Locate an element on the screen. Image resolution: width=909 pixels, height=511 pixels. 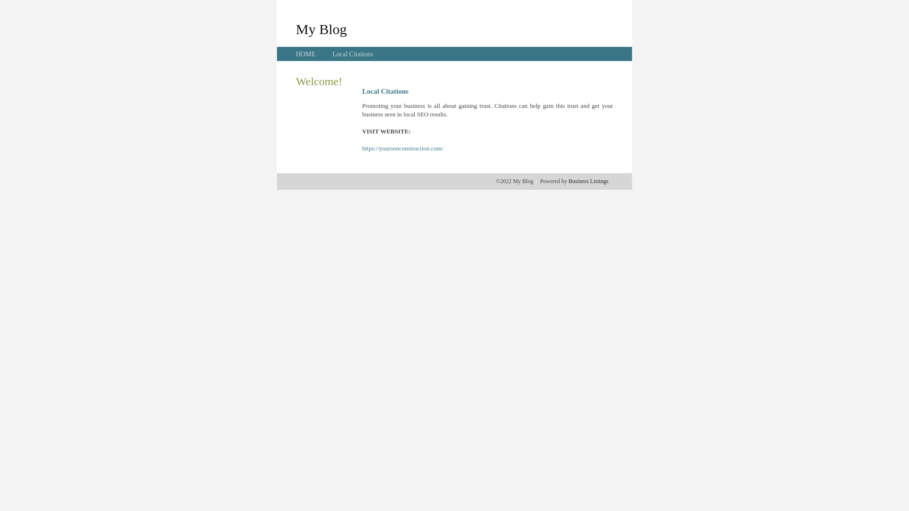
'My Blog' is located at coordinates (321, 28).